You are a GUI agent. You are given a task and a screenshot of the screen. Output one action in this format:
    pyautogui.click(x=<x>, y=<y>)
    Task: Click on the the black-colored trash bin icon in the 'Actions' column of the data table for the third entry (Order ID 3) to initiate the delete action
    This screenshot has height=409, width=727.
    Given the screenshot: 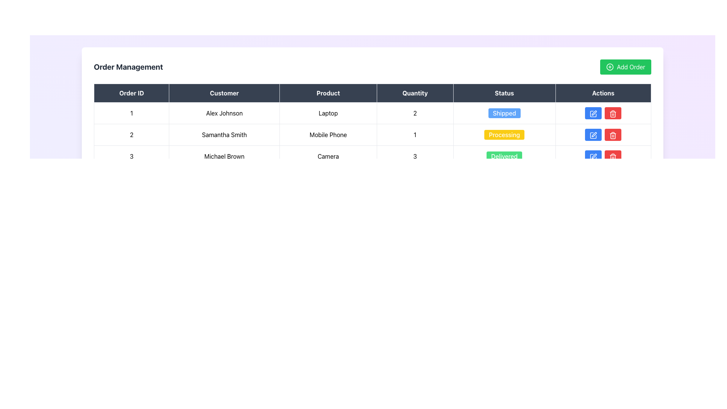 What is the action you would take?
    pyautogui.click(x=613, y=114)
    